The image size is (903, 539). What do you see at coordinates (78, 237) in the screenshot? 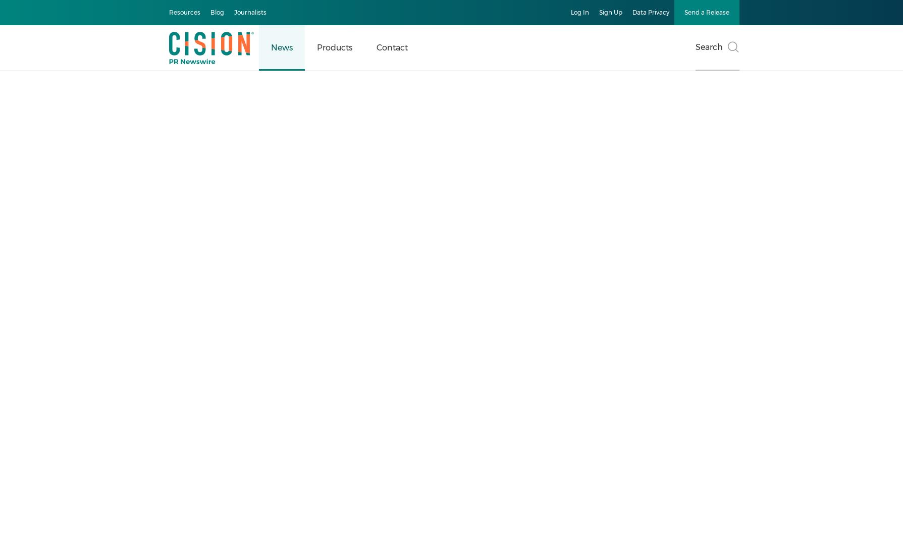
I see `'Auto & Transportation'` at bounding box center [78, 237].